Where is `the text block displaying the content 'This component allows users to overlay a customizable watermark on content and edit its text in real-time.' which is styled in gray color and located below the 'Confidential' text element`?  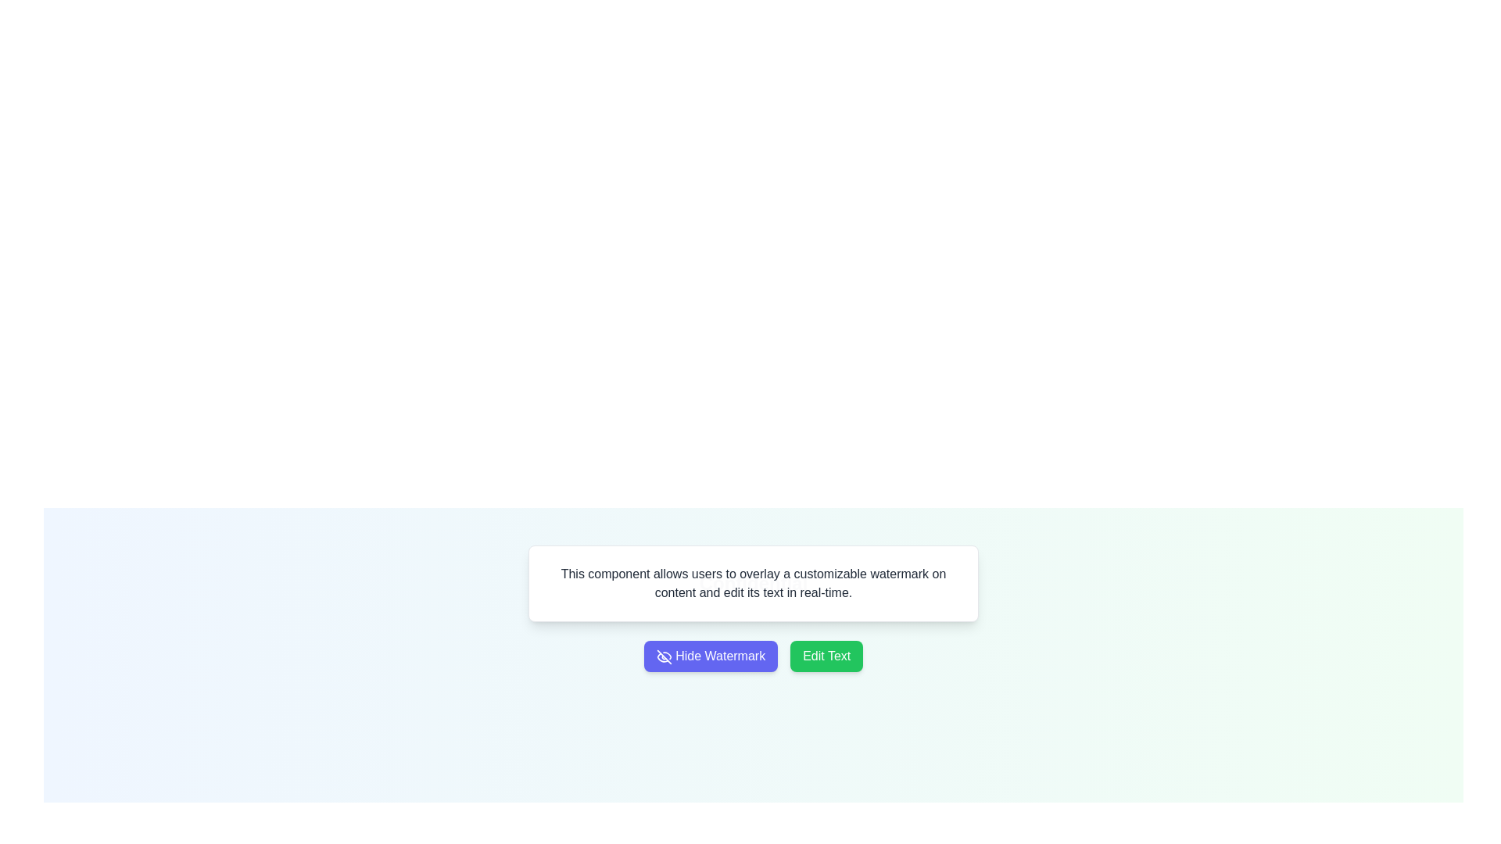
the text block displaying the content 'This component allows users to overlay a customizable watermark on content and edit its text in real-time.' which is styled in gray color and located below the 'Confidential' text element is located at coordinates (754, 584).